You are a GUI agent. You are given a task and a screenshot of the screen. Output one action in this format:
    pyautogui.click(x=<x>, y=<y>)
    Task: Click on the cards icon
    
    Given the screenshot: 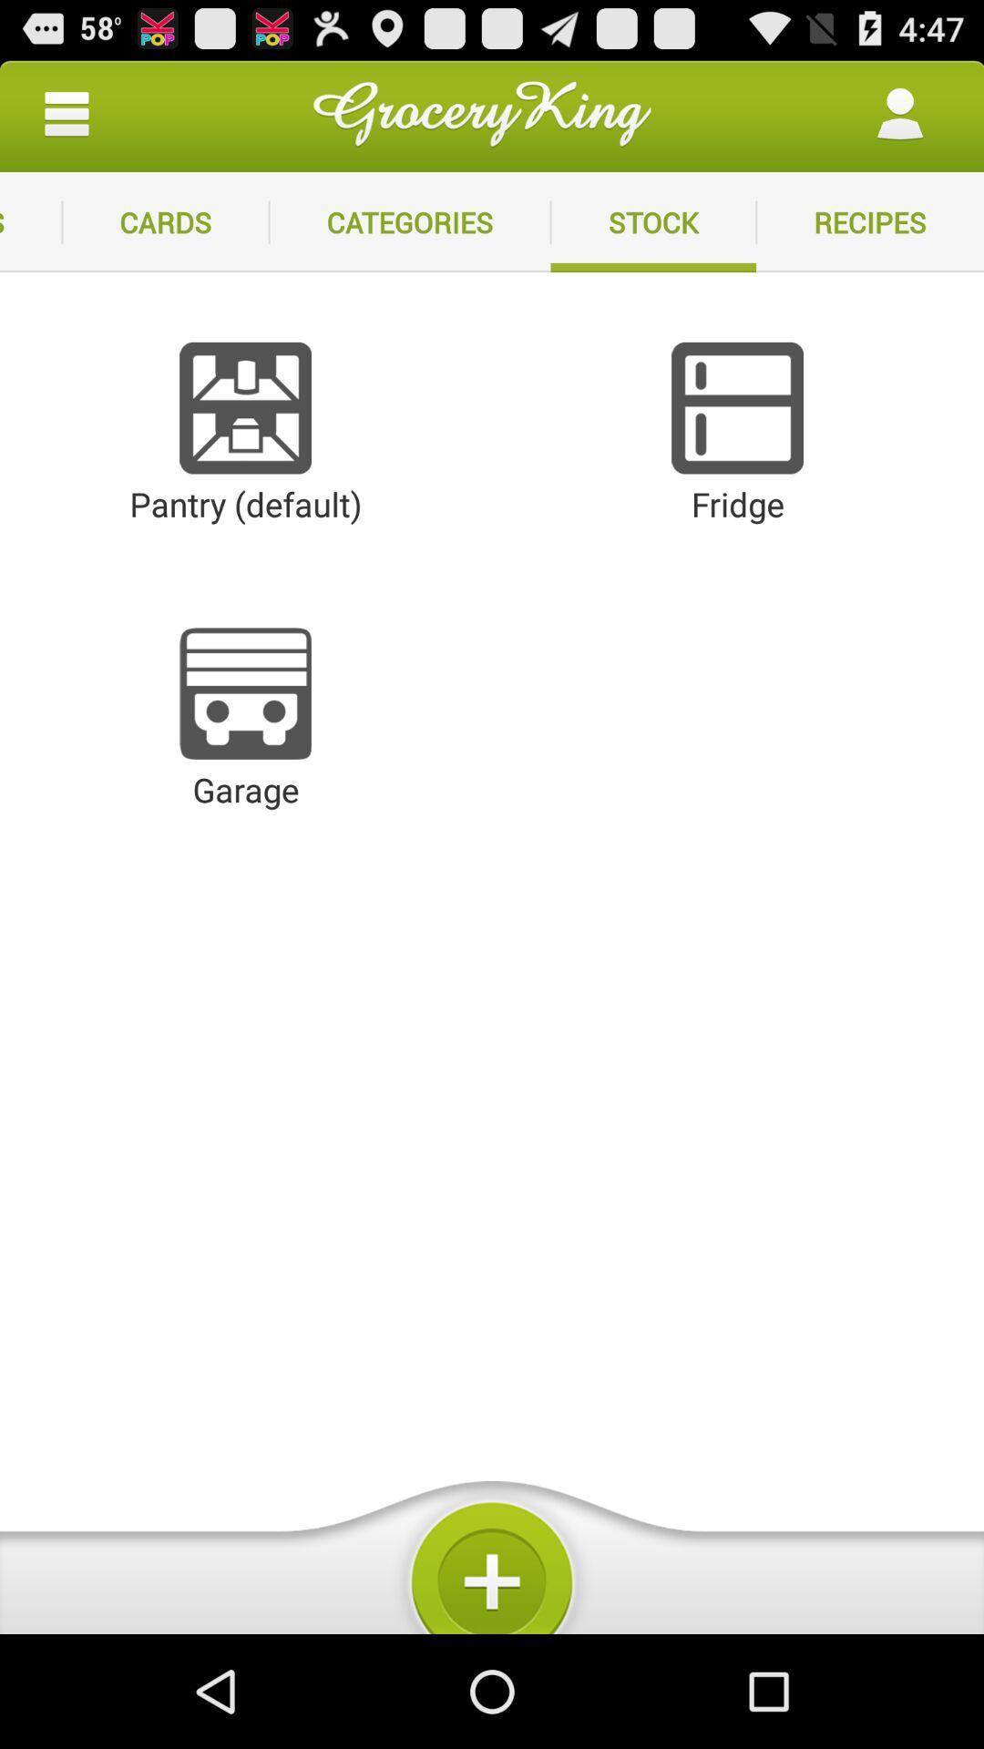 What is the action you would take?
    pyautogui.click(x=165, y=221)
    